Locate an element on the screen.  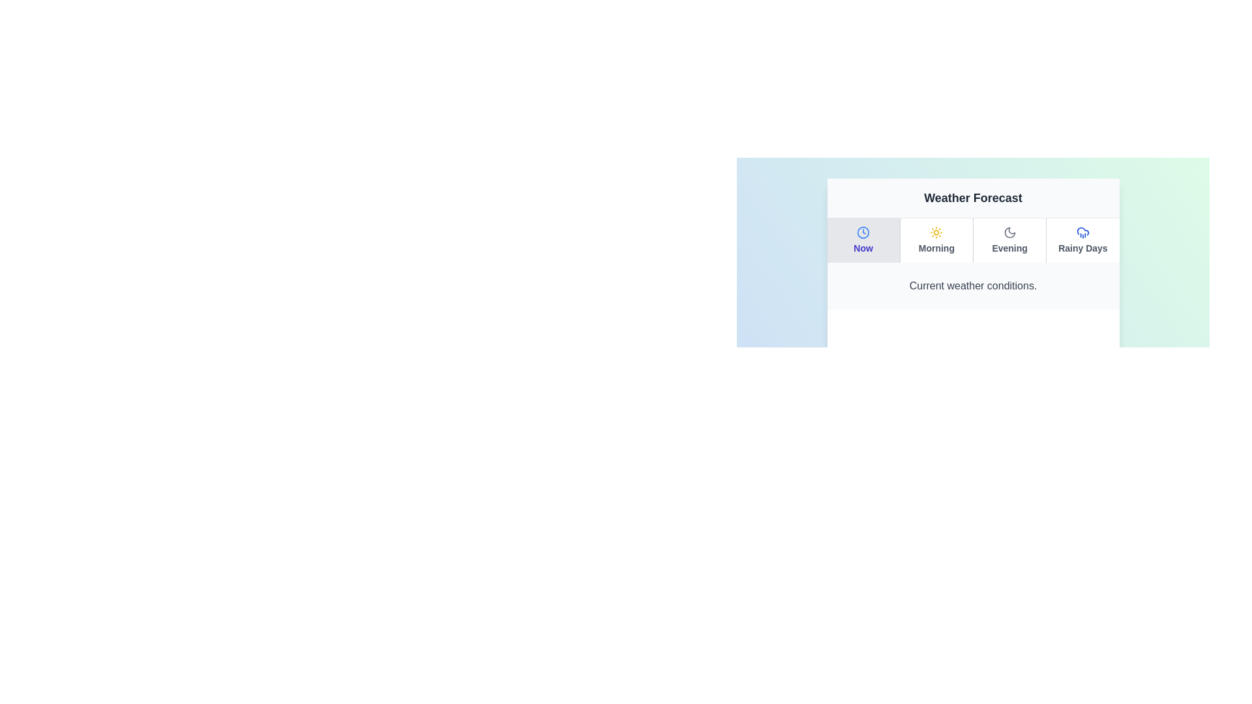
the yellow sun icon in the header menu for the 'Morning' section, which is located above the 'Morning' text is located at coordinates (936, 232).